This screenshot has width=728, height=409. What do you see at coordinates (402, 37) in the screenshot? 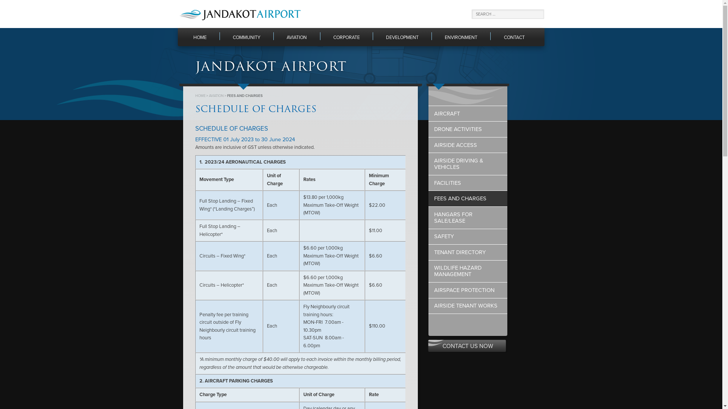
I see `'DEVELOPMENT'` at bounding box center [402, 37].